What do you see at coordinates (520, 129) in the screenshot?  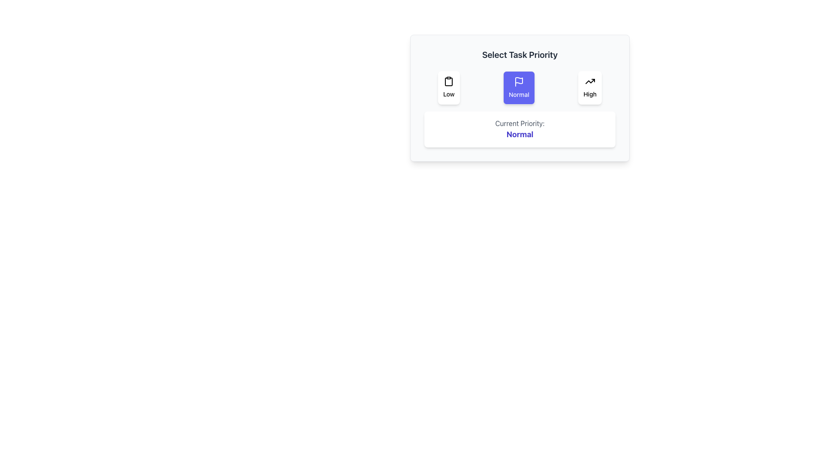 I see `the Text Display indicator that shows the currently selected priority level, which is 'Normal', located at the bottom portion of the interface's central card` at bounding box center [520, 129].